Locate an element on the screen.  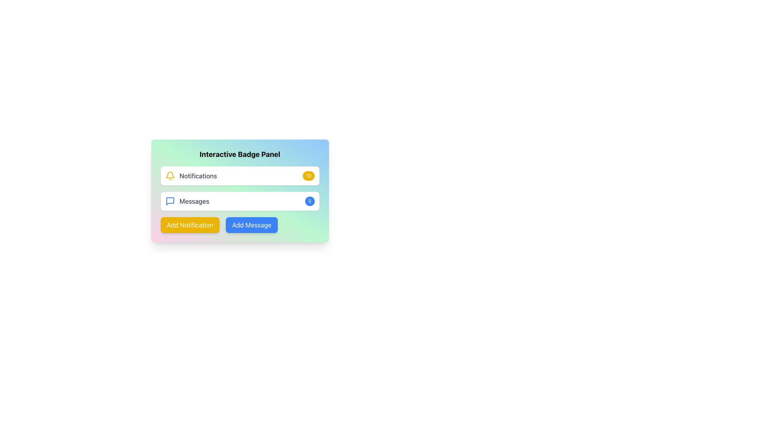
the chat bubble icon in the 'Messages' section of the 'Interactive Badge Panel', which is located to the left of the text 'Messages' and the numeric badge showing '5' is located at coordinates (169, 201).